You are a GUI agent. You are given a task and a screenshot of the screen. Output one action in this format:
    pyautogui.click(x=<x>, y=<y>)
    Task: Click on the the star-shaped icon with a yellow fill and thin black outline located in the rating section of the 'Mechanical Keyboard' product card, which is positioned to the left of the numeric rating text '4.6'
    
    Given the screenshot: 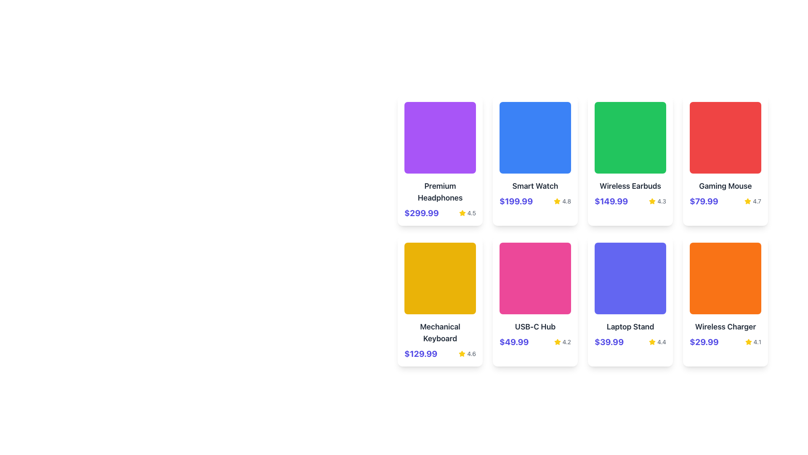 What is the action you would take?
    pyautogui.click(x=462, y=354)
    